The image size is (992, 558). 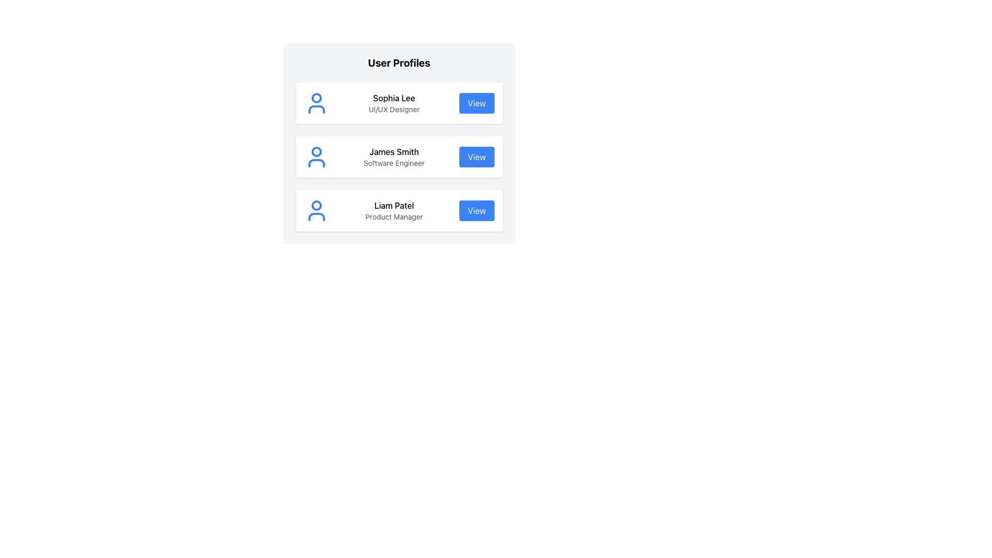 What do you see at coordinates (394, 103) in the screenshot?
I see `text displayed in the text area showing 'Sophia Lee' and 'UI/UX Designer' within the first profile card of the list` at bounding box center [394, 103].